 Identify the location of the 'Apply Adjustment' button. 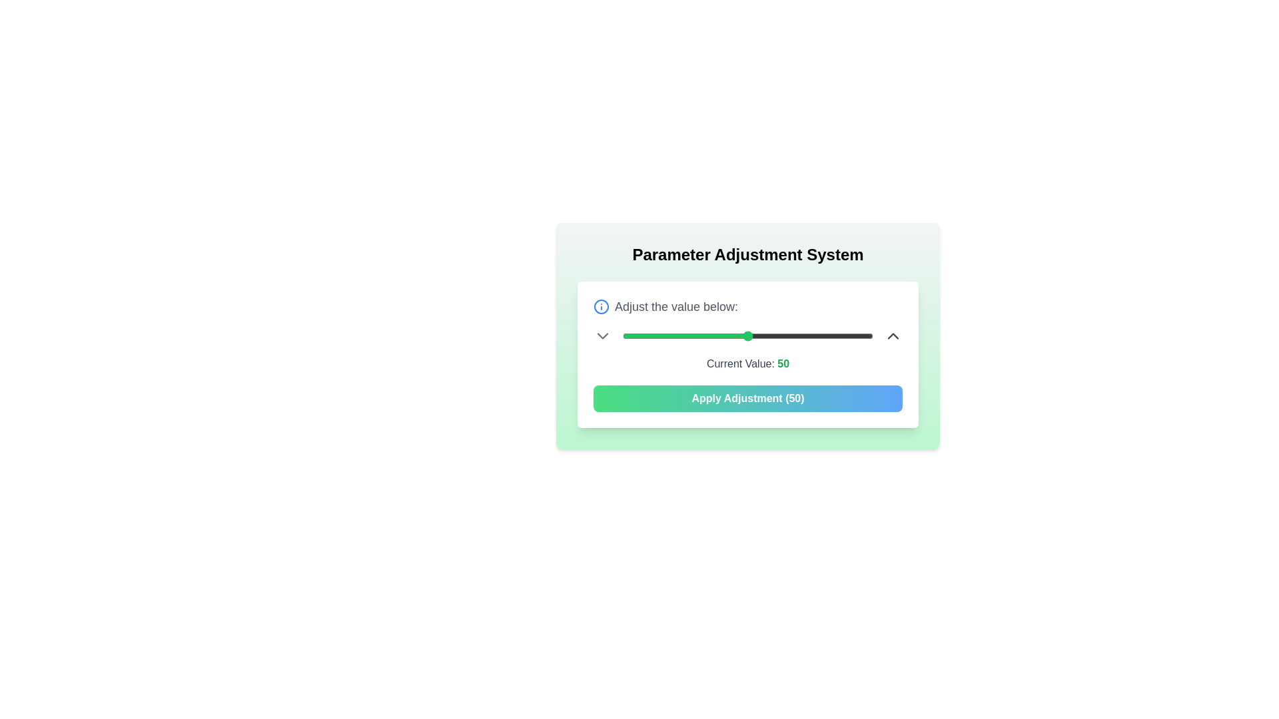
(748, 397).